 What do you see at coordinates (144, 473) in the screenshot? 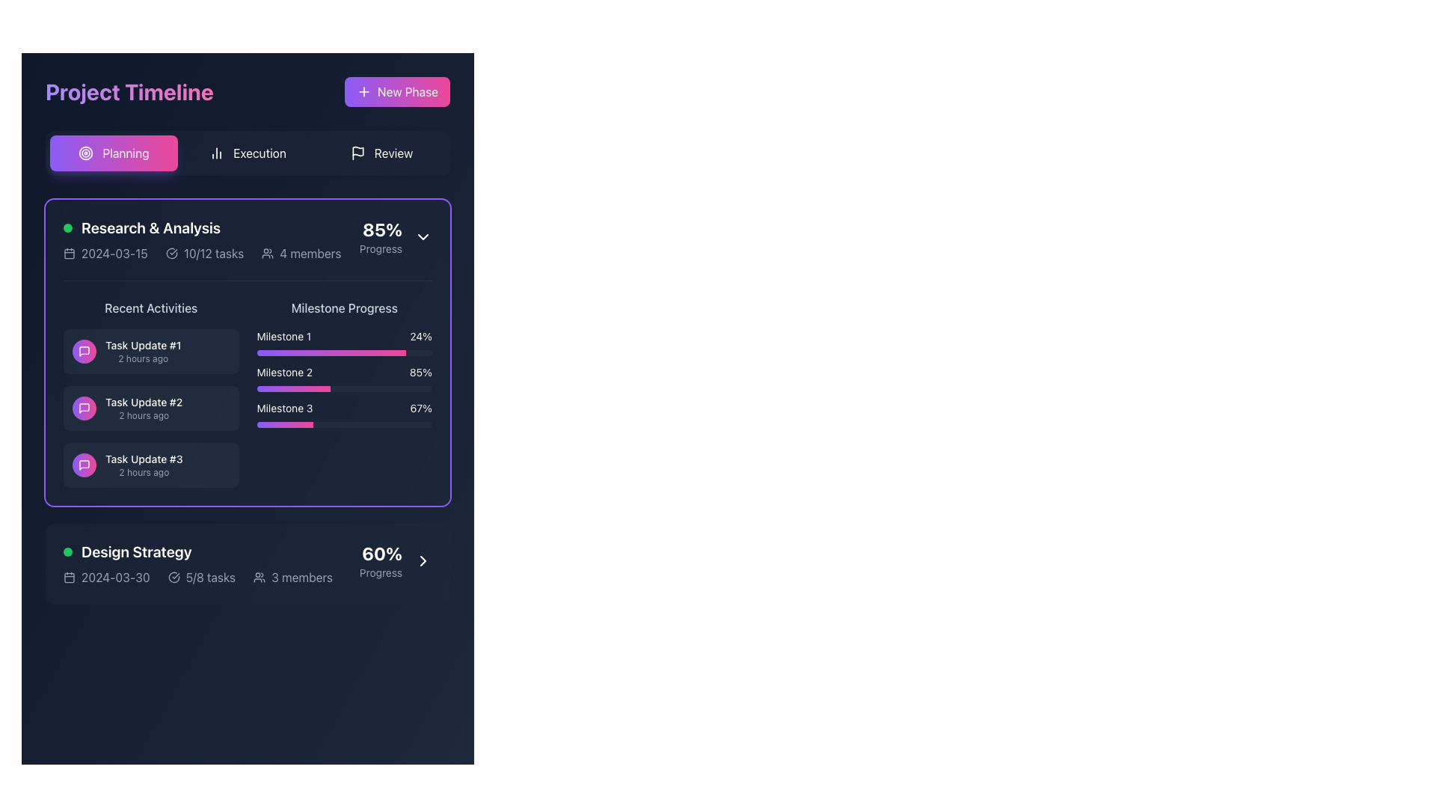
I see `timestamp text label located in the bottom-right corner of the box under the 'Task Update #3' title` at bounding box center [144, 473].